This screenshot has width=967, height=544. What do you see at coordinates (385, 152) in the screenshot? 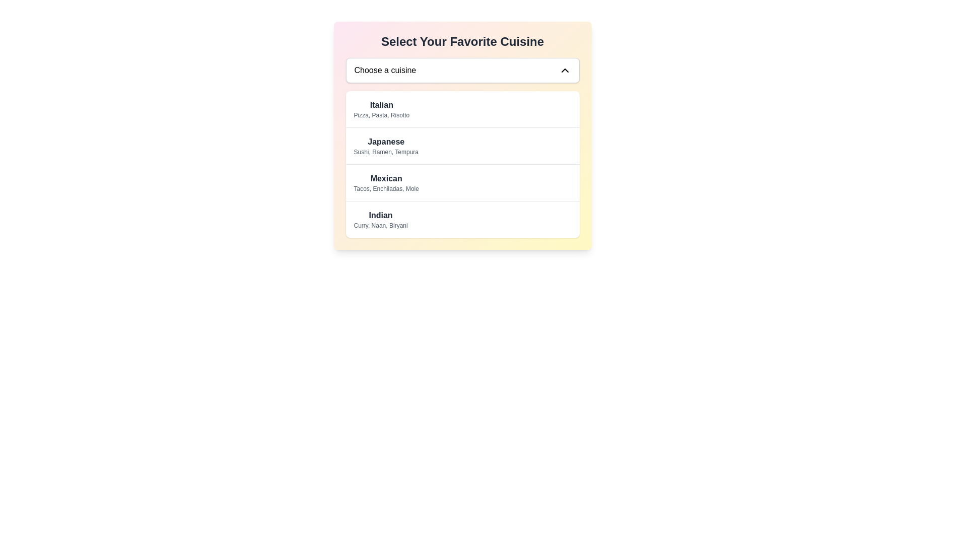
I see `the descriptive text label that details examples of dishes (Sushi, Ramen, Tempura) associated with the 'Japanese' cuisine option, positioned below the 'Japanese' label` at bounding box center [385, 152].